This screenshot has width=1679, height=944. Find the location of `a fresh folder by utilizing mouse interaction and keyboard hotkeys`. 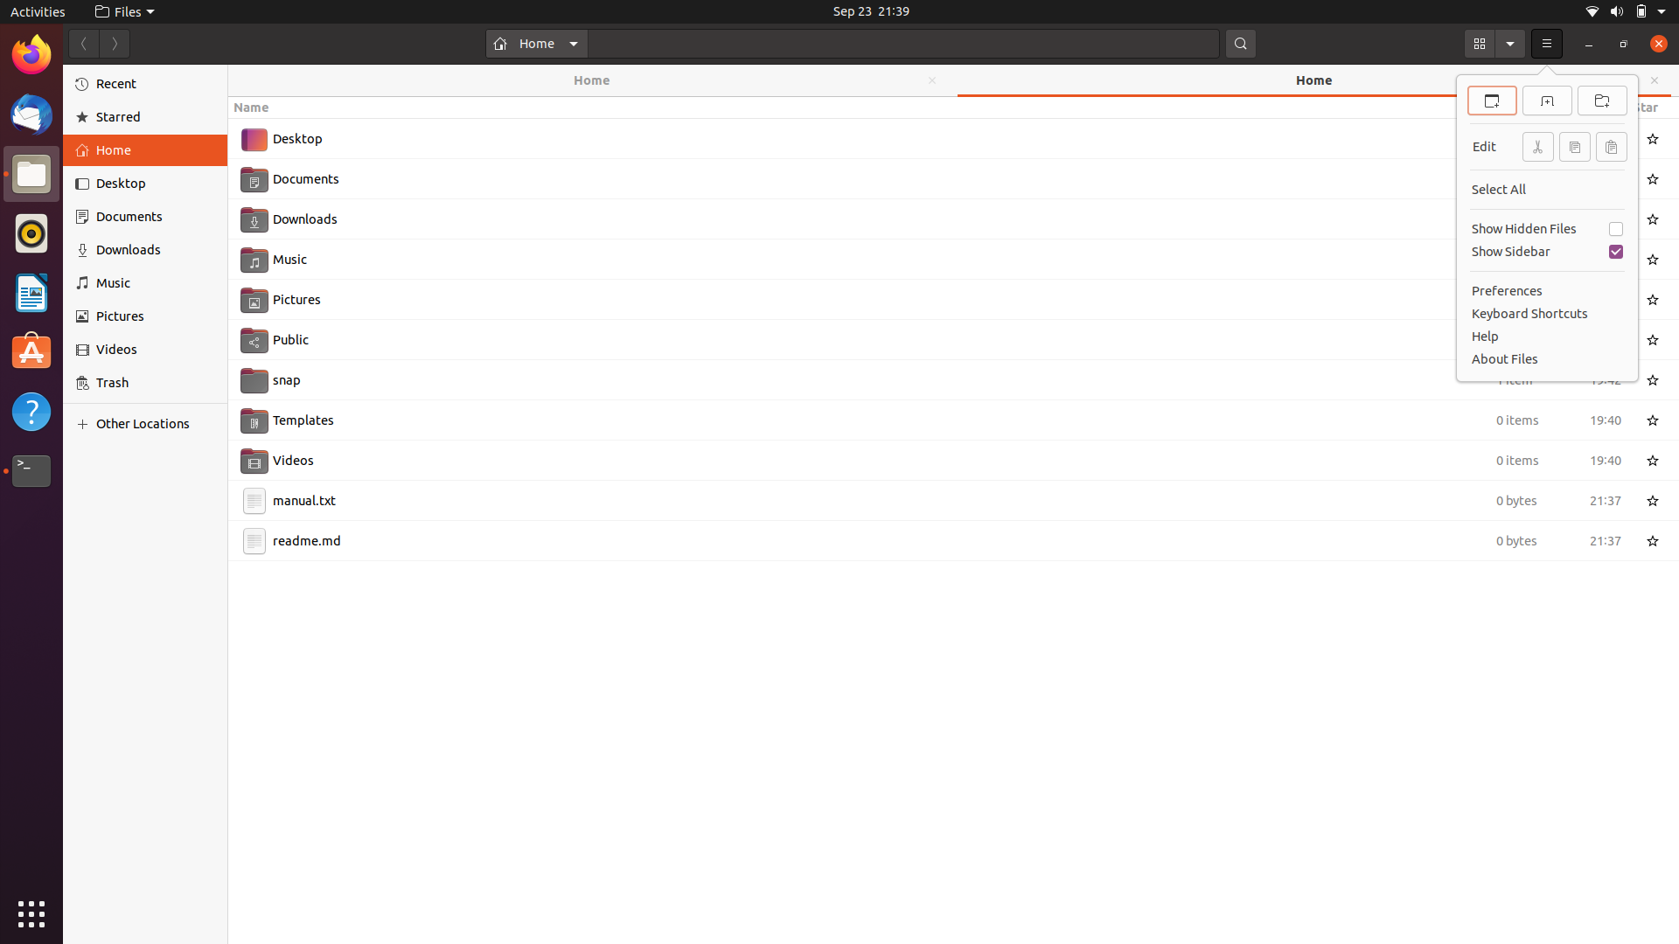

a fresh folder by utilizing mouse interaction and keyboard hotkeys is located at coordinates (1603, 99).